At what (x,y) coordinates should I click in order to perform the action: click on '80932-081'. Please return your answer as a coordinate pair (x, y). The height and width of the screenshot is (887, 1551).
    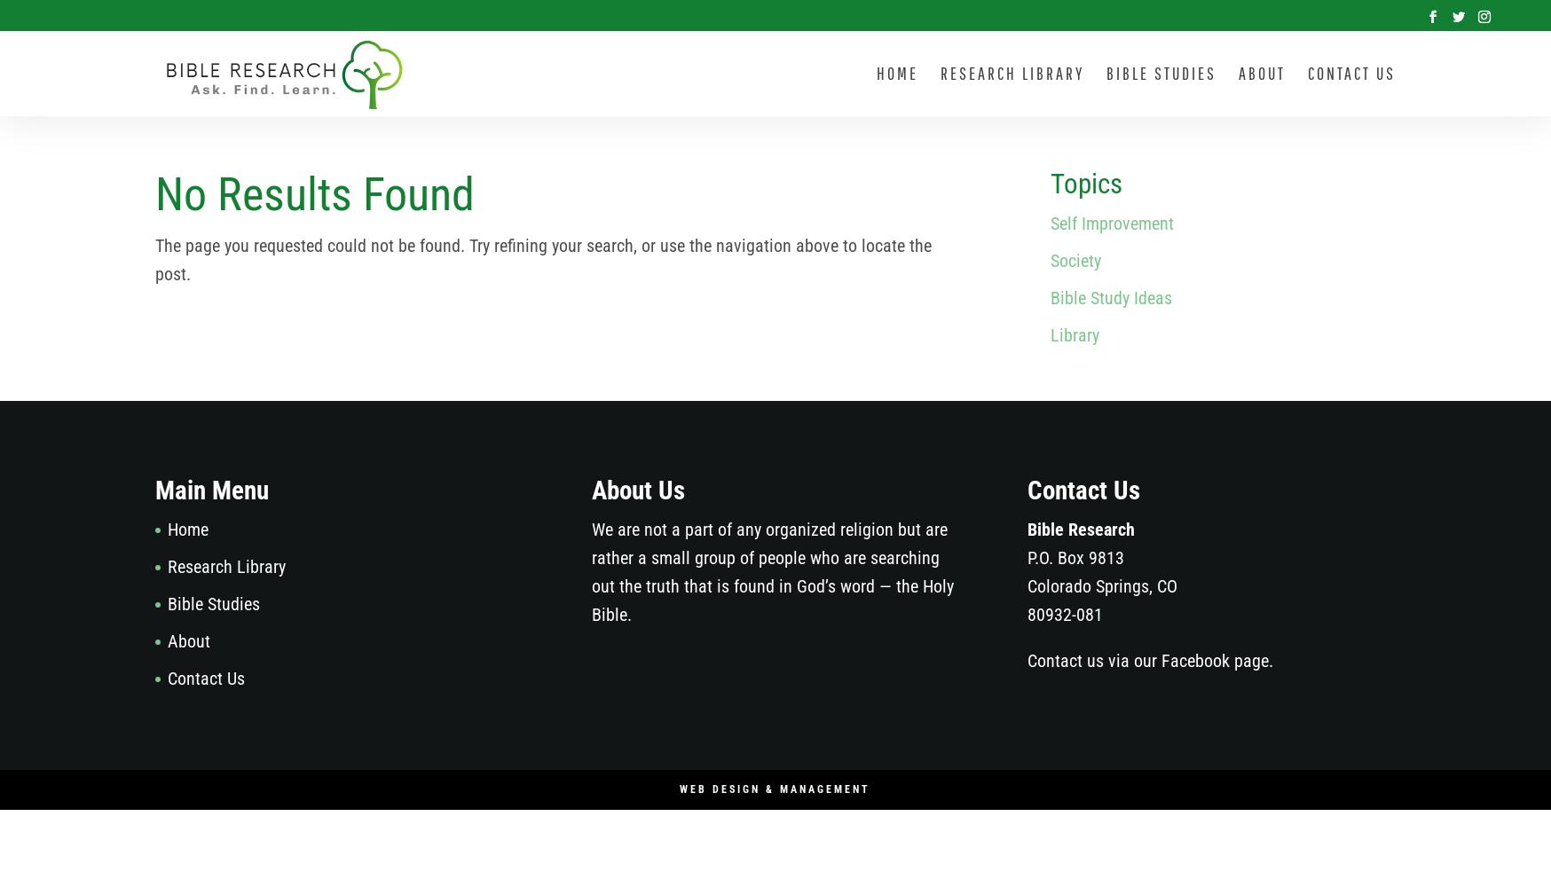
    Looking at the image, I should click on (1064, 613).